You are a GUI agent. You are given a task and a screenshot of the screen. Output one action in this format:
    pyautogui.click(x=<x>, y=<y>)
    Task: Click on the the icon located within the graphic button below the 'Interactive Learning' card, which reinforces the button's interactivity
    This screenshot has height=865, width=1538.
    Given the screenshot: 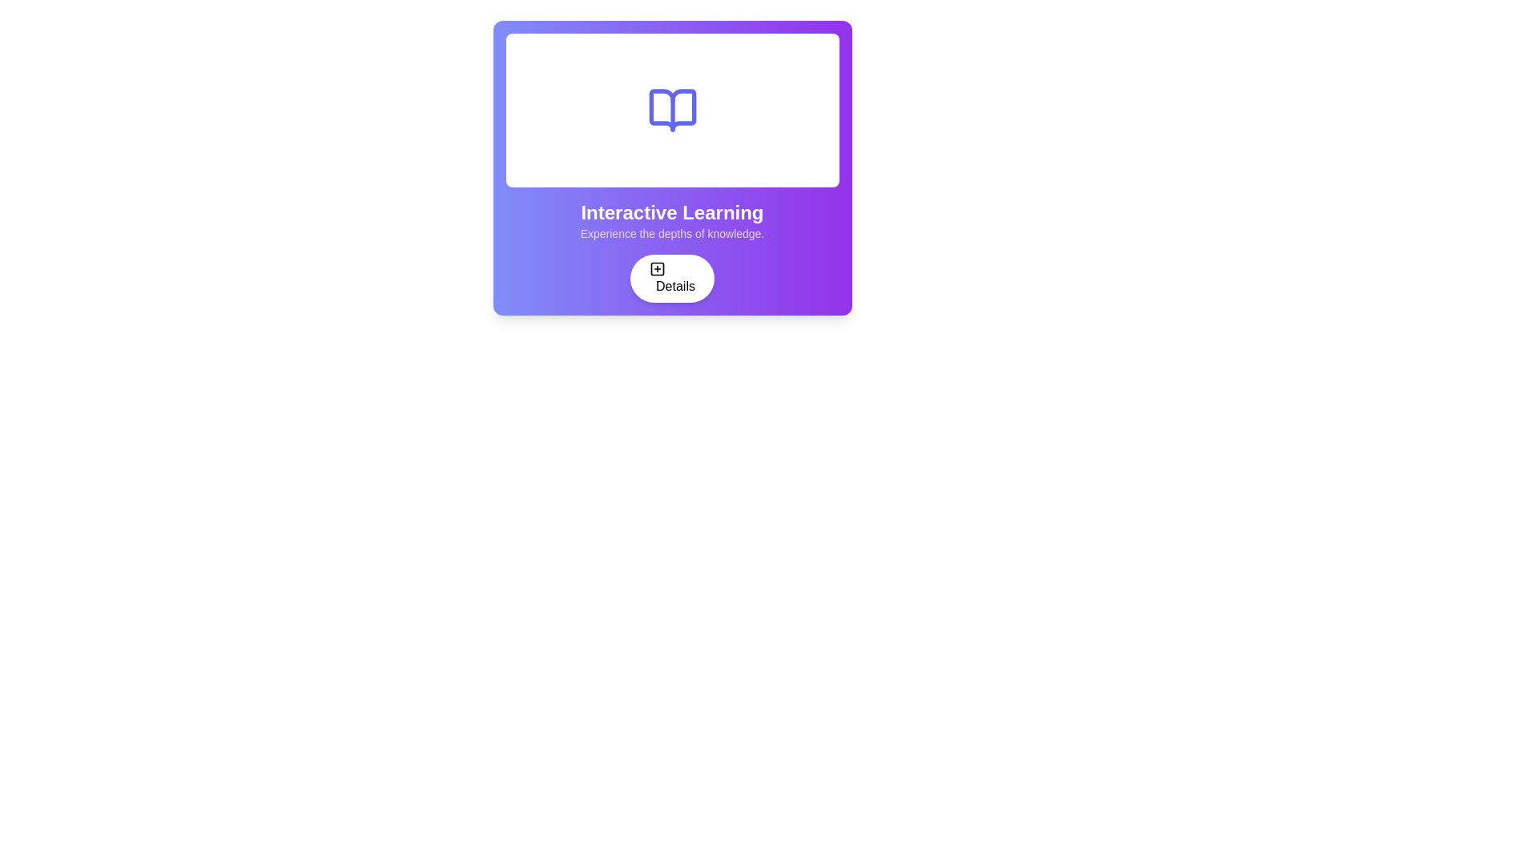 What is the action you would take?
    pyautogui.click(x=657, y=268)
    